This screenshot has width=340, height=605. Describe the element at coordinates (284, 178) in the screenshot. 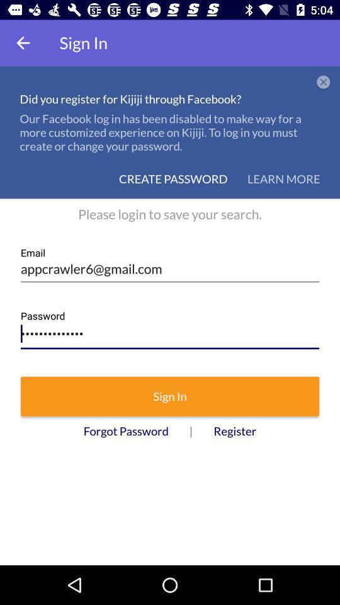

I see `the button learn more on the web page` at that location.